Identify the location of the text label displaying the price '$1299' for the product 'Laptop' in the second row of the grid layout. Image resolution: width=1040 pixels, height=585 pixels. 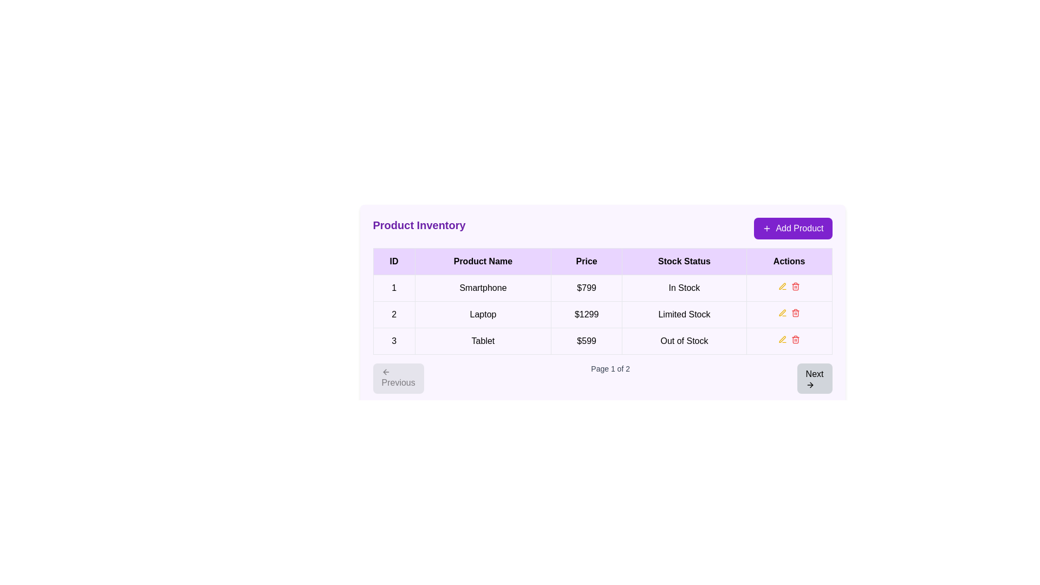
(586, 315).